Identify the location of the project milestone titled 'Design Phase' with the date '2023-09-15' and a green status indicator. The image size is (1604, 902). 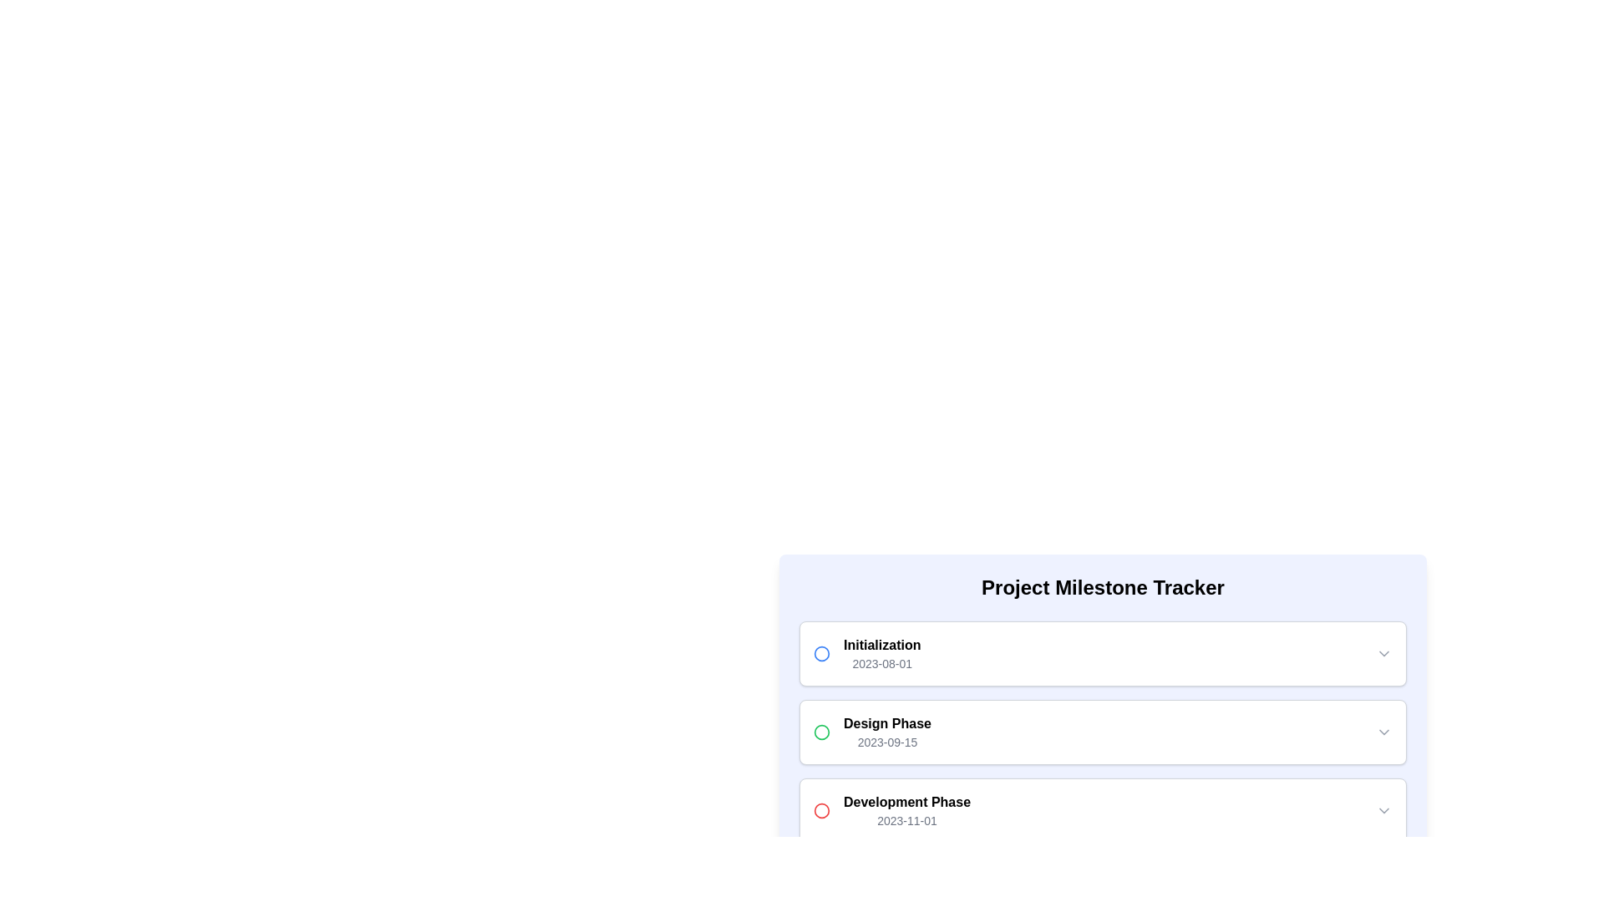
(871, 731).